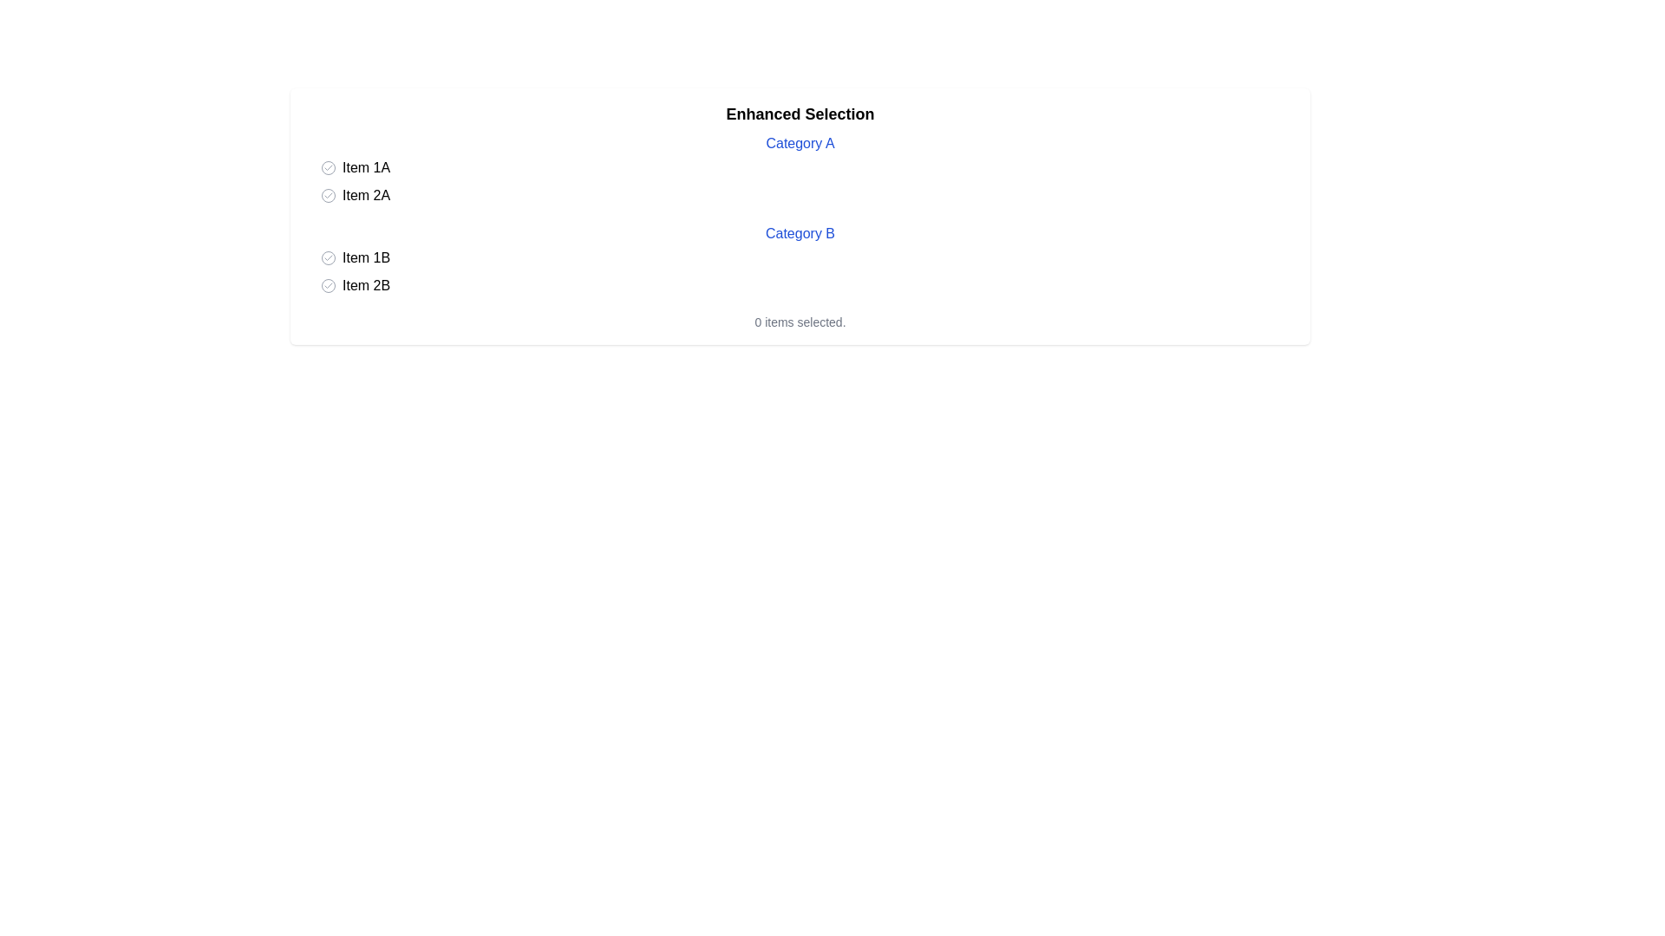 The height and width of the screenshot is (936, 1665). I want to click on the selectable list item labeled 'Item 1B' under 'Category B', so click(806, 257).